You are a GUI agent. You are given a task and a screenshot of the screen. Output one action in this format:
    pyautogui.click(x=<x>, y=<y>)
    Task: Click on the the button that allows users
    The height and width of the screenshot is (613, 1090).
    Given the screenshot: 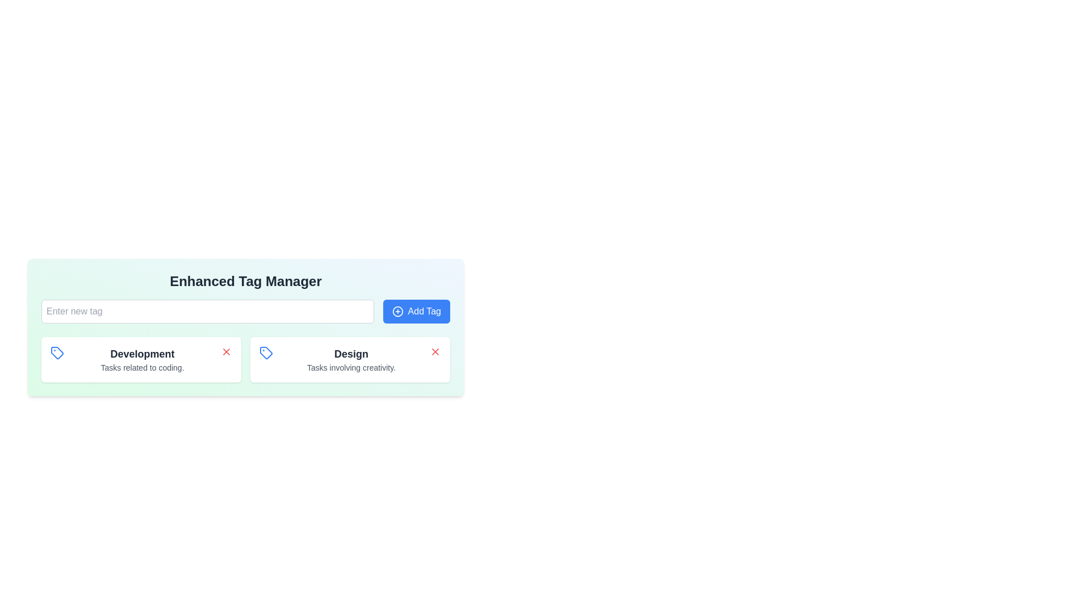 What is the action you would take?
    pyautogui.click(x=416, y=311)
    